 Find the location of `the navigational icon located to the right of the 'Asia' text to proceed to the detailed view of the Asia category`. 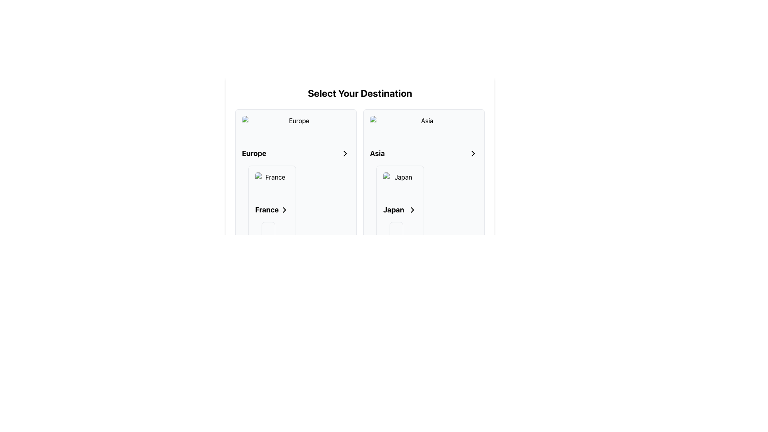

the navigational icon located to the right of the 'Asia' text to proceed to the detailed view of the Asia category is located at coordinates (473, 154).